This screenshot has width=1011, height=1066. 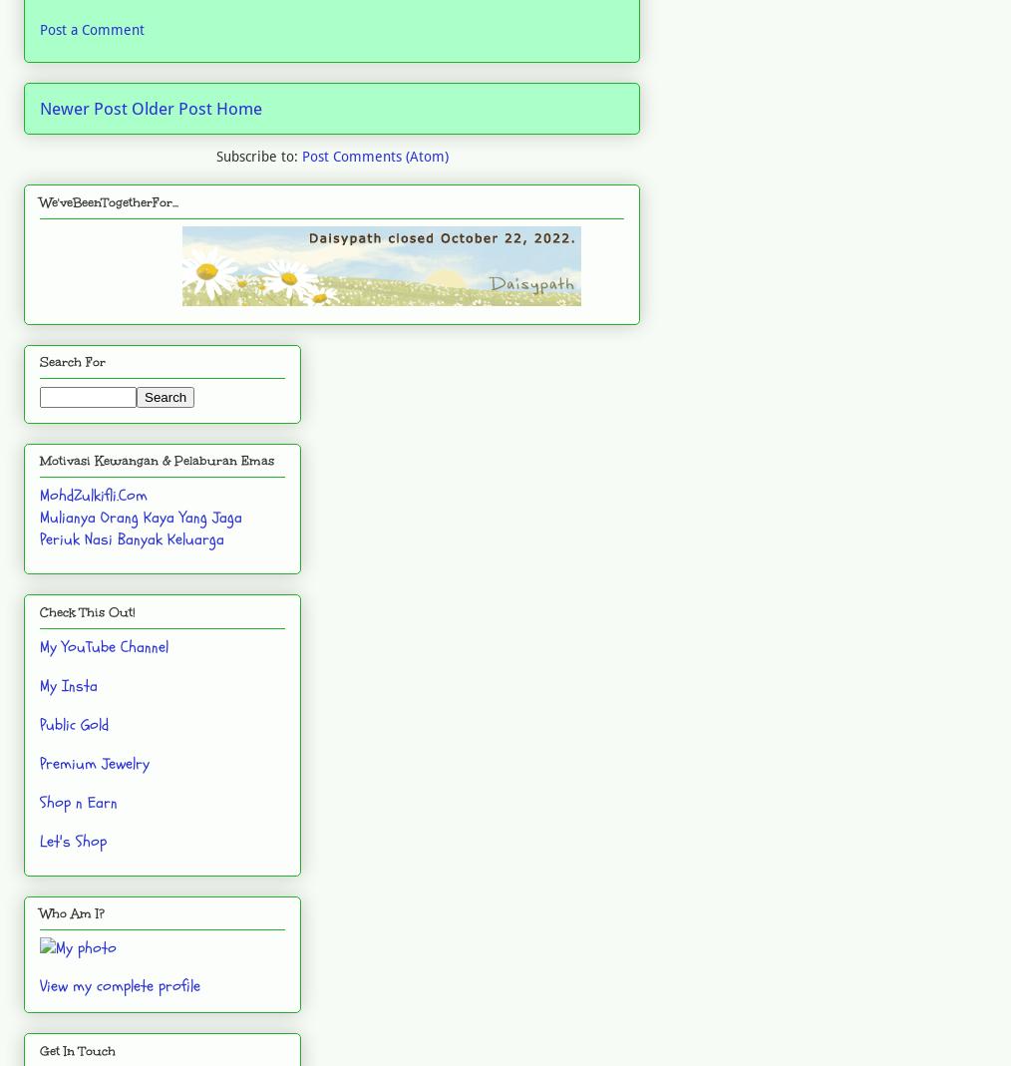 What do you see at coordinates (76, 1049) in the screenshot?
I see `'Get In Touch'` at bounding box center [76, 1049].